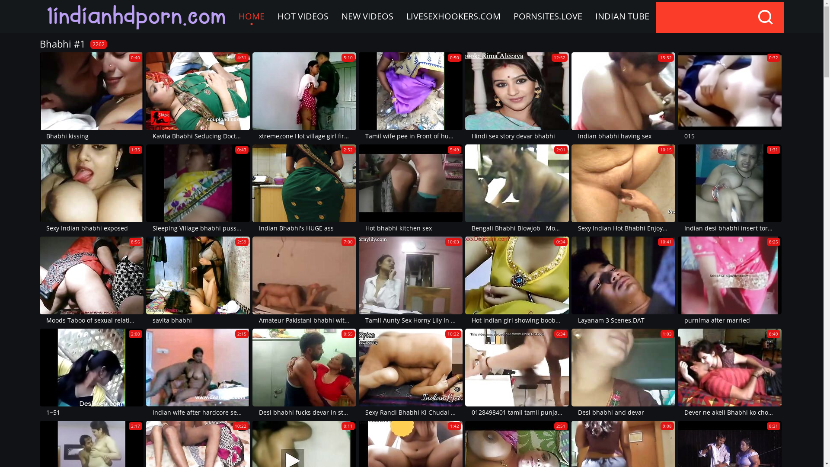 This screenshot has height=467, width=830. Describe the element at coordinates (623, 189) in the screenshot. I see `'10:15` at that location.